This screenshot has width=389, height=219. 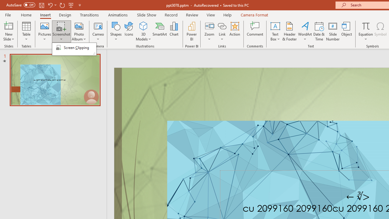 What do you see at coordinates (305, 31) in the screenshot?
I see `'WordArt'` at bounding box center [305, 31].